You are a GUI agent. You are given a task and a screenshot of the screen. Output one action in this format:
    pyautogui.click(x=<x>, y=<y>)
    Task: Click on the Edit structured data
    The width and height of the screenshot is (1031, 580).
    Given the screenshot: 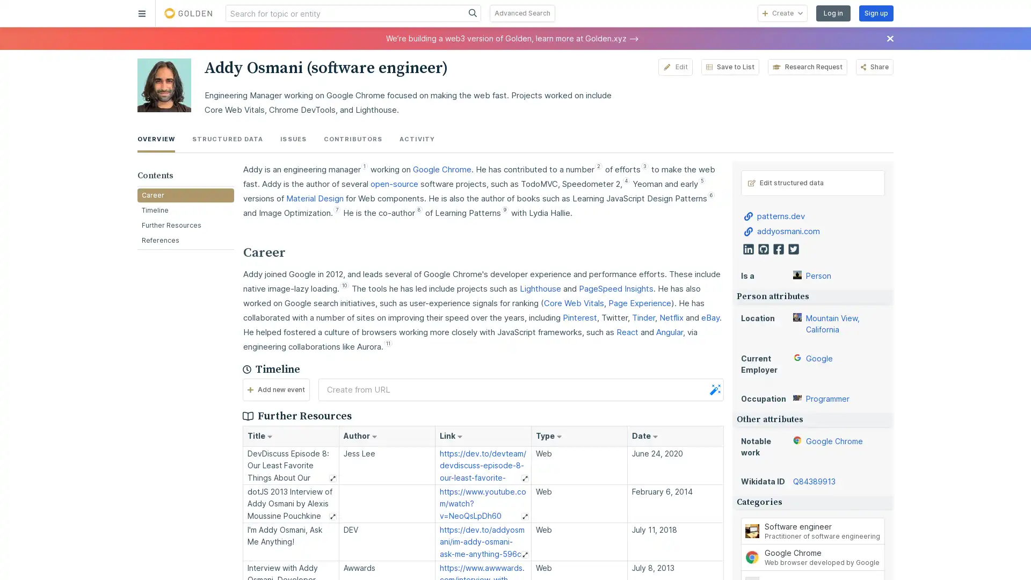 What is the action you would take?
    pyautogui.click(x=812, y=182)
    